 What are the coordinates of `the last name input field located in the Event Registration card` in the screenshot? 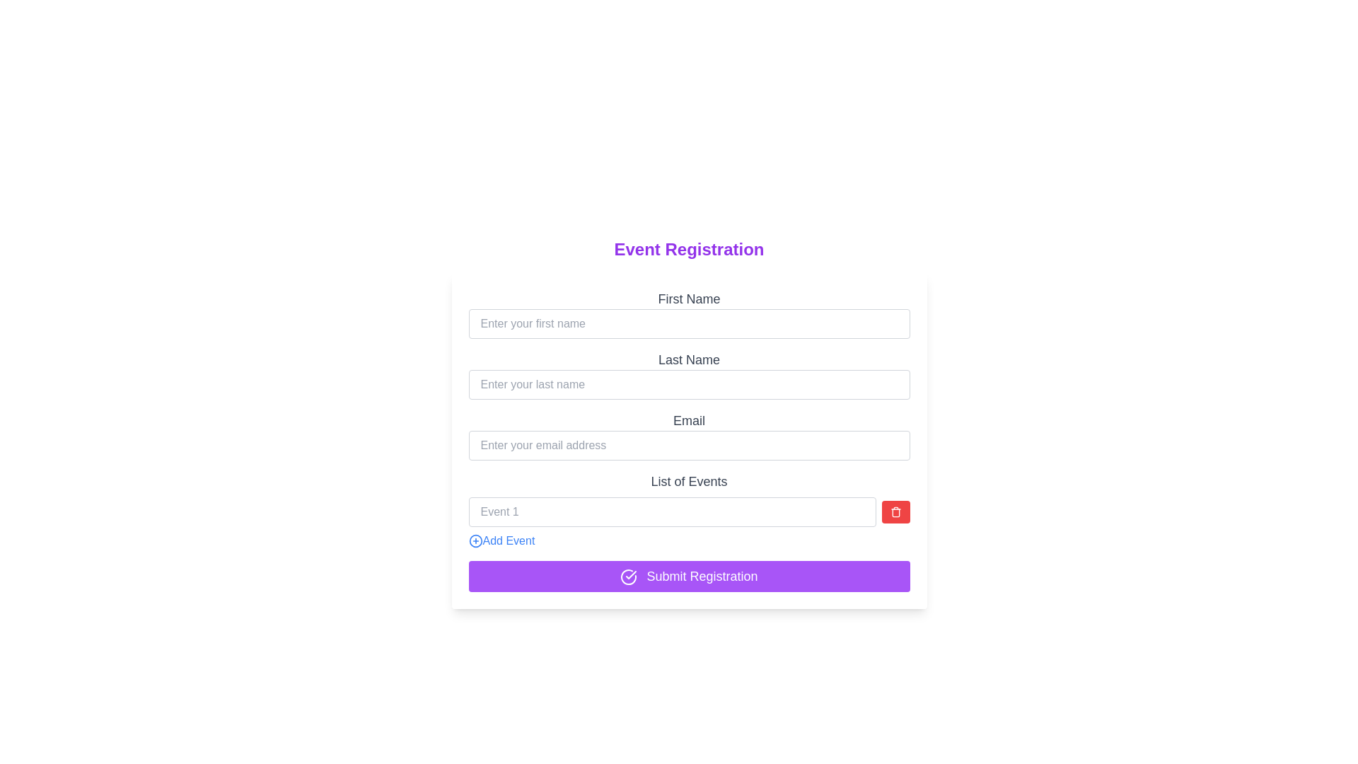 It's located at (689, 374).